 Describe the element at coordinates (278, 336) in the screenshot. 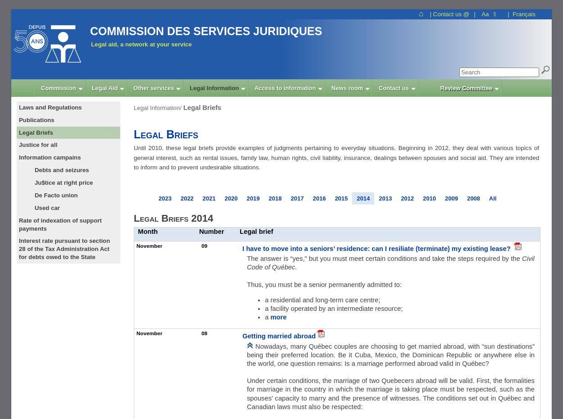

I see `'Getting married abroad'` at that location.